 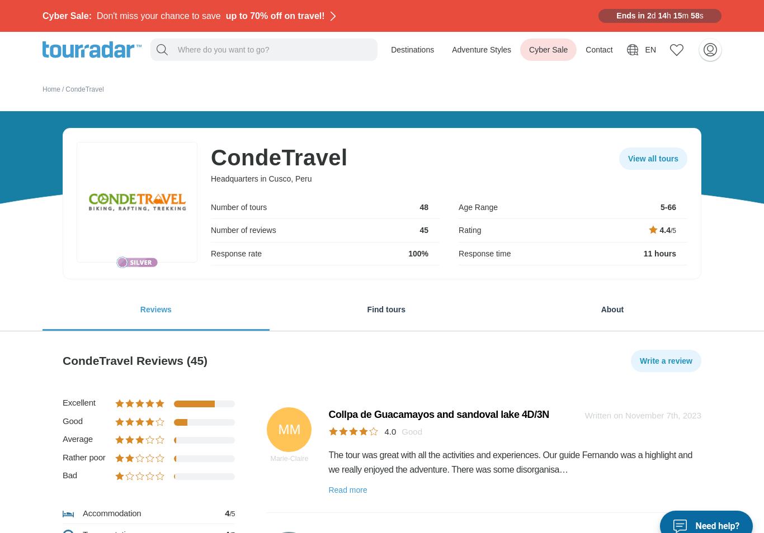 I want to click on '15', so click(x=677, y=15).